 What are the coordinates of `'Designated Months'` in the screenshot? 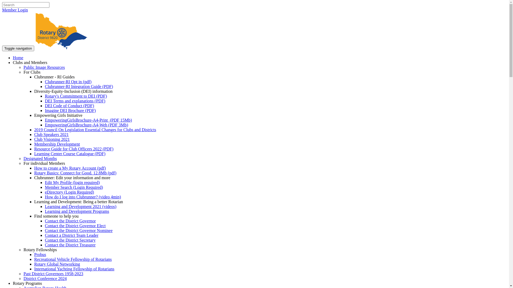 It's located at (40, 158).